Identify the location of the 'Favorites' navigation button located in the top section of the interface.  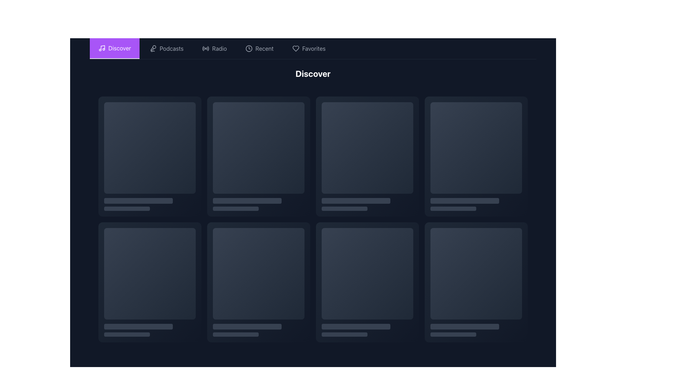
(309, 48).